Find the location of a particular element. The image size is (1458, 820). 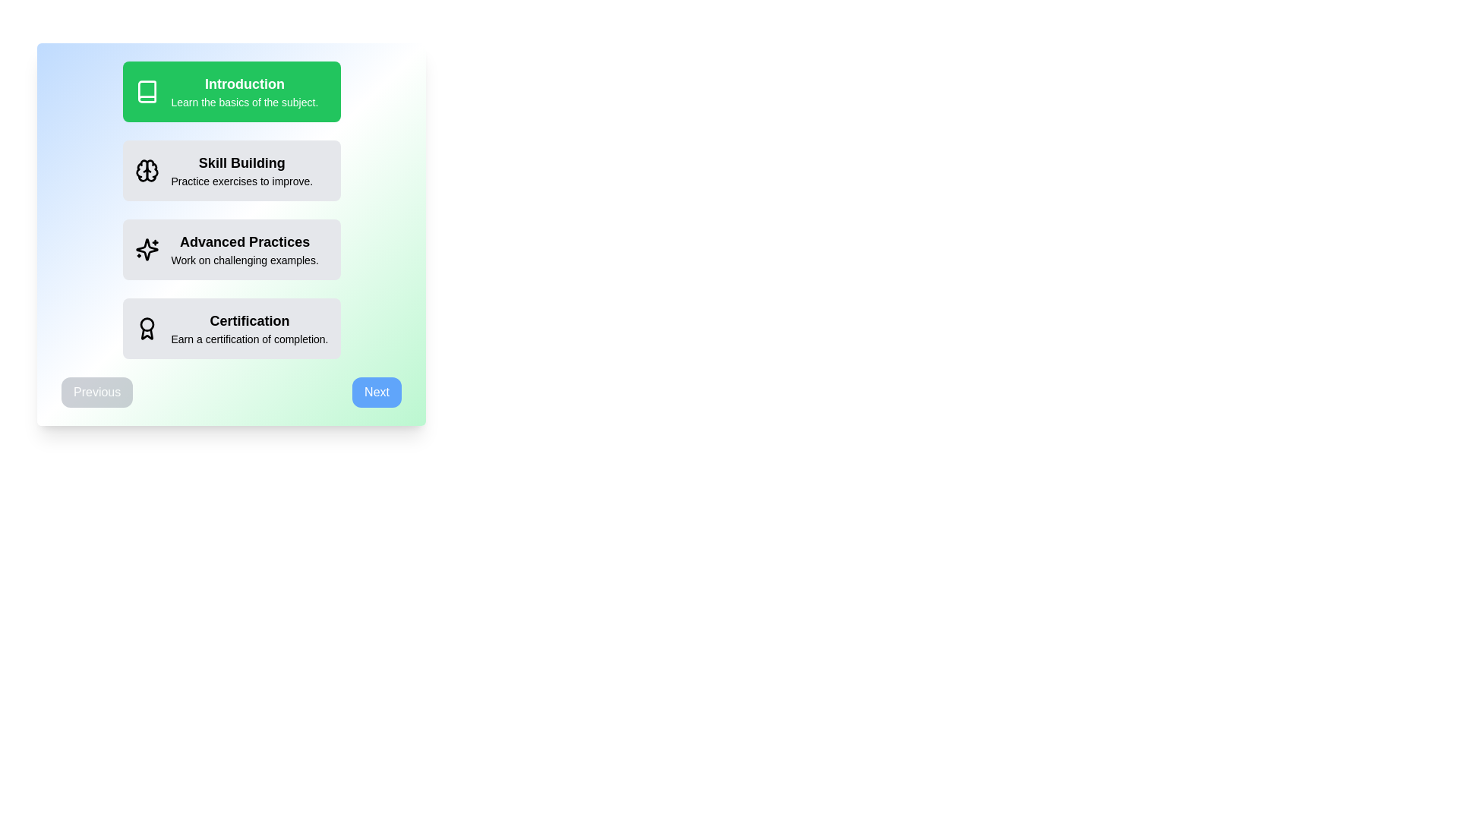

the description of the step Advanced Practices is located at coordinates (231, 248).